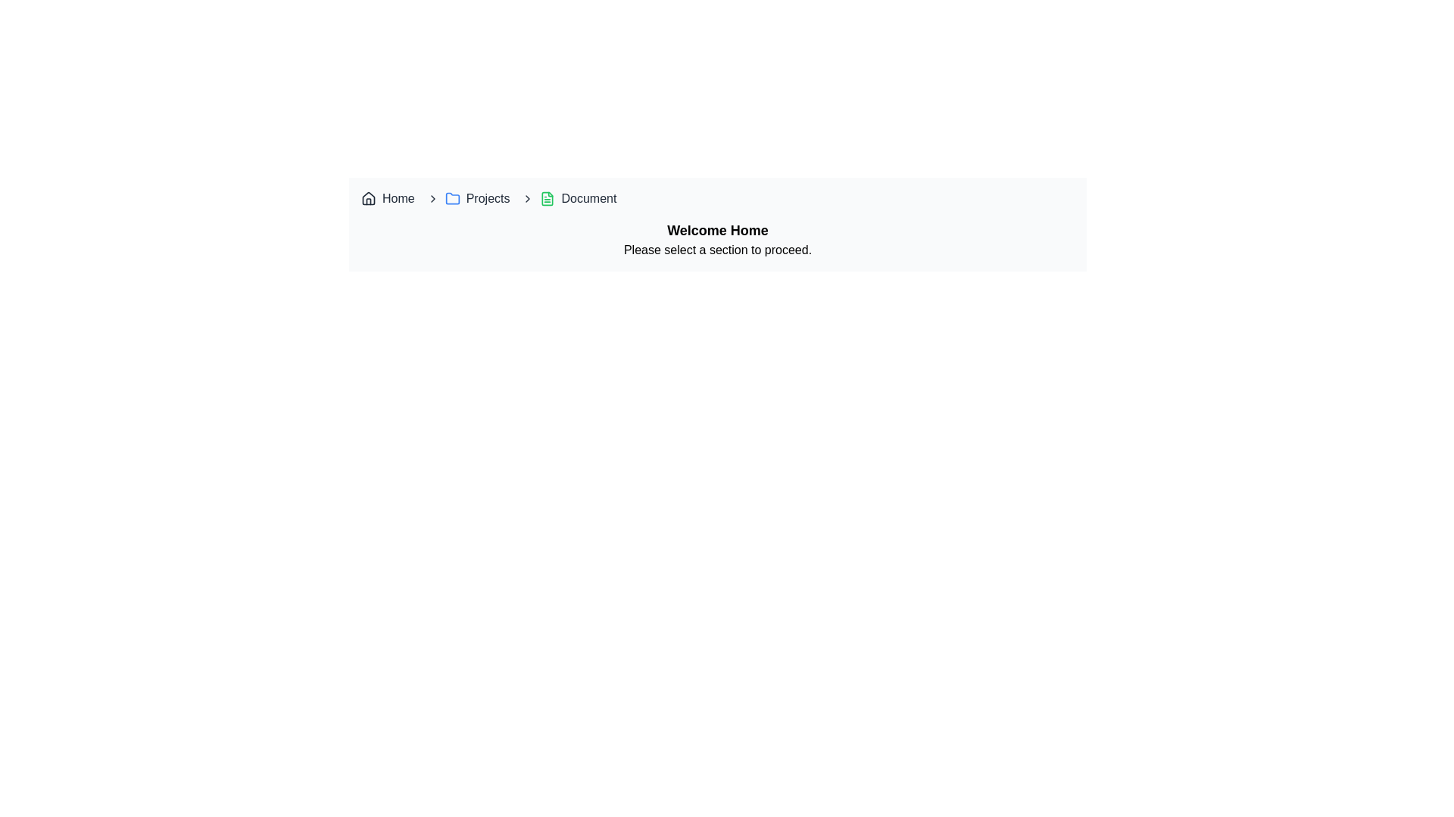 This screenshot has width=1454, height=817. What do you see at coordinates (547, 197) in the screenshot?
I see `the document icon in the breadcrumb navigation bar, which is the third element following 'Projects' and preceding 'Document'` at bounding box center [547, 197].